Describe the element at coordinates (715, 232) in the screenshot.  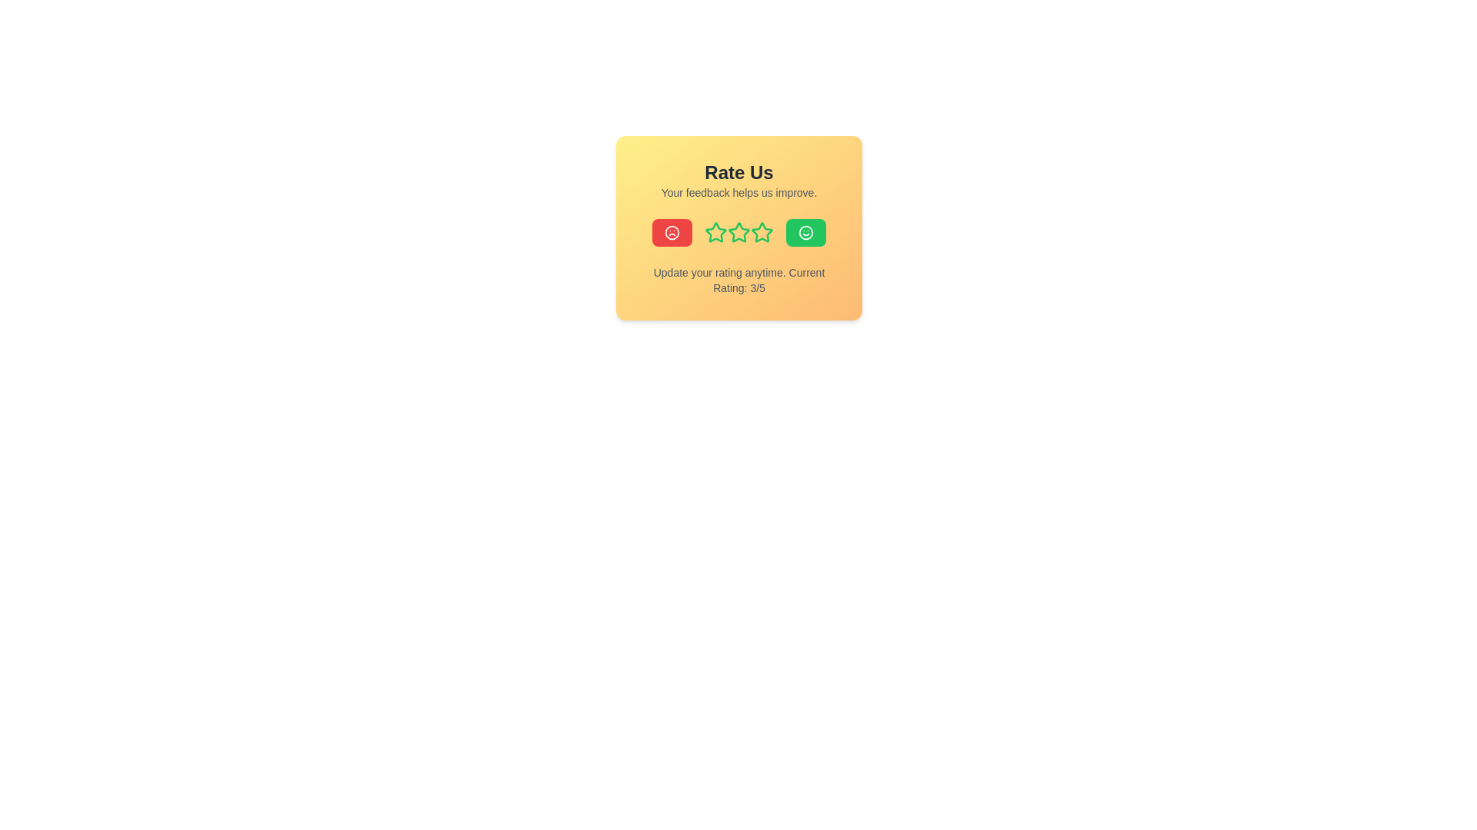
I see `the third star icon in the rating system` at that location.